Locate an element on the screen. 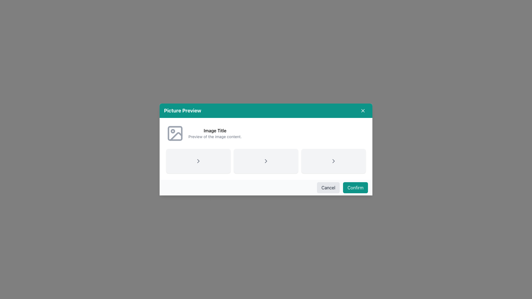  the close button styled as an 'X' located in the top-right corner of the green header bar within the modal window is located at coordinates (363, 111).